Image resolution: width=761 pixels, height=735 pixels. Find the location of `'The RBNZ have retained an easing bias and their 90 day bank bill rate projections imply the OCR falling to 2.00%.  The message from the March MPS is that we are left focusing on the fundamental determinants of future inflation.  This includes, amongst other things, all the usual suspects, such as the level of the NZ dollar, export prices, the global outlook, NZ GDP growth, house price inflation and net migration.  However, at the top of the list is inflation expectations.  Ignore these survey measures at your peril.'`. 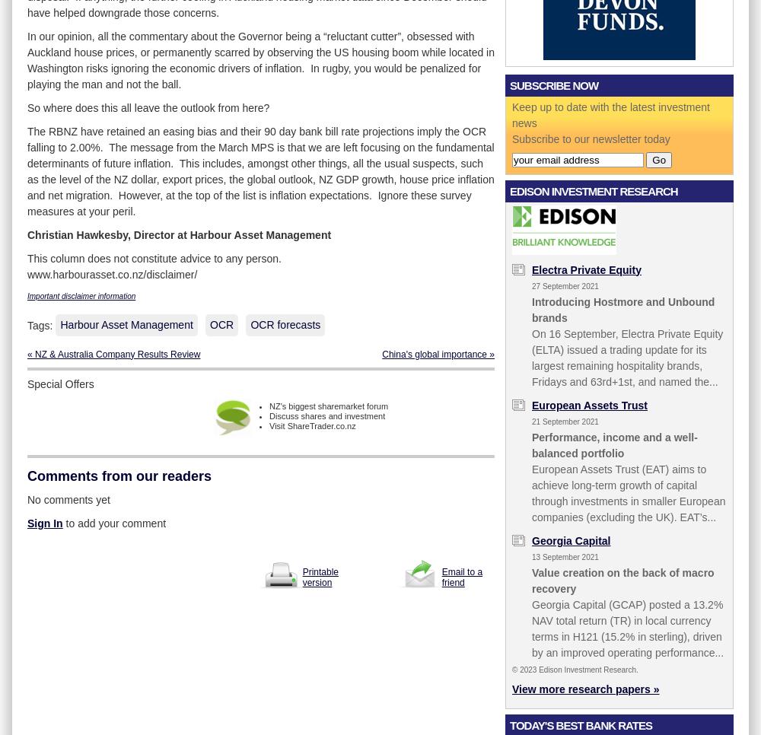

'The RBNZ have retained an easing bias and their 90 day bank bill rate projections imply the OCR falling to 2.00%.  The message from the March MPS is that we are left focusing on the fundamental determinants of future inflation.  This includes, amongst other things, all the usual suspects, such as the level of the NZ dollar, export prices, the global outlook, NZ GDP growth, house price inflation and net migration.  However, at the top of the list is inflation expectations.  Ignore these survey measures at your peril.' is located at coordinates (27, 170).